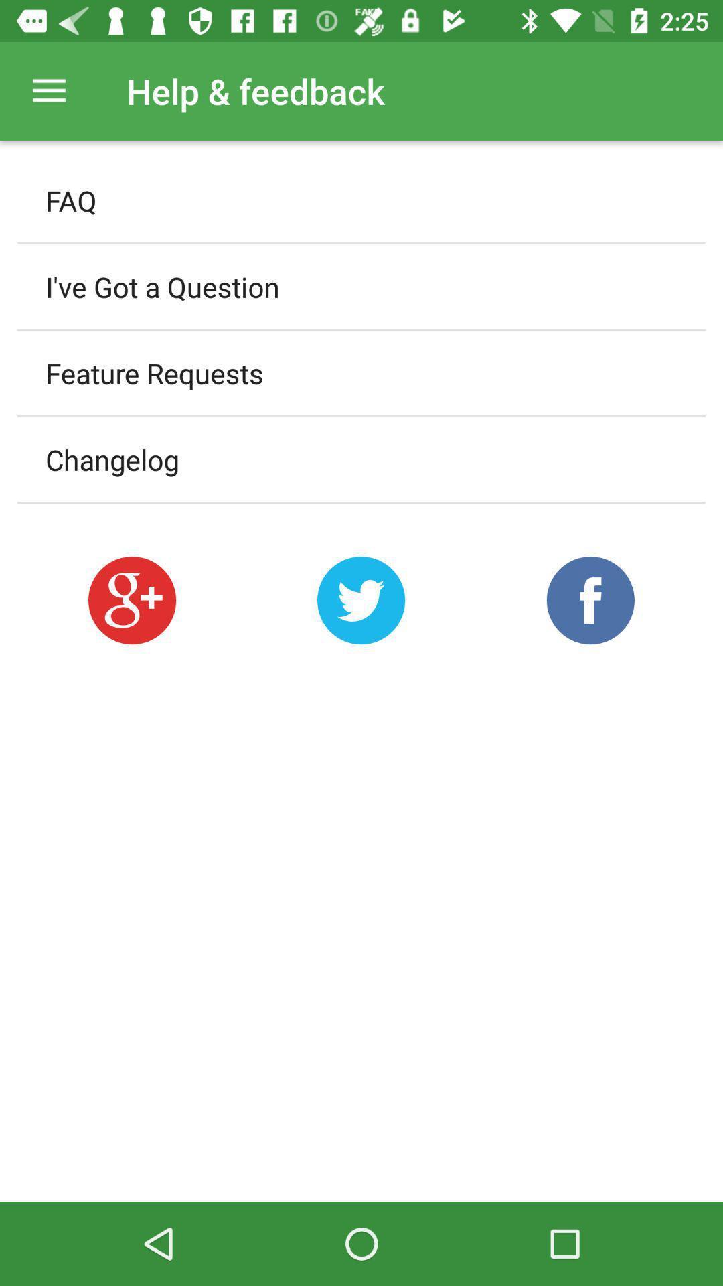 The width and height of the screenshot is (723, 1286). Describe the element at coordinates (361, 286) in the screenshot. I see `the item below faq icon` at that location.